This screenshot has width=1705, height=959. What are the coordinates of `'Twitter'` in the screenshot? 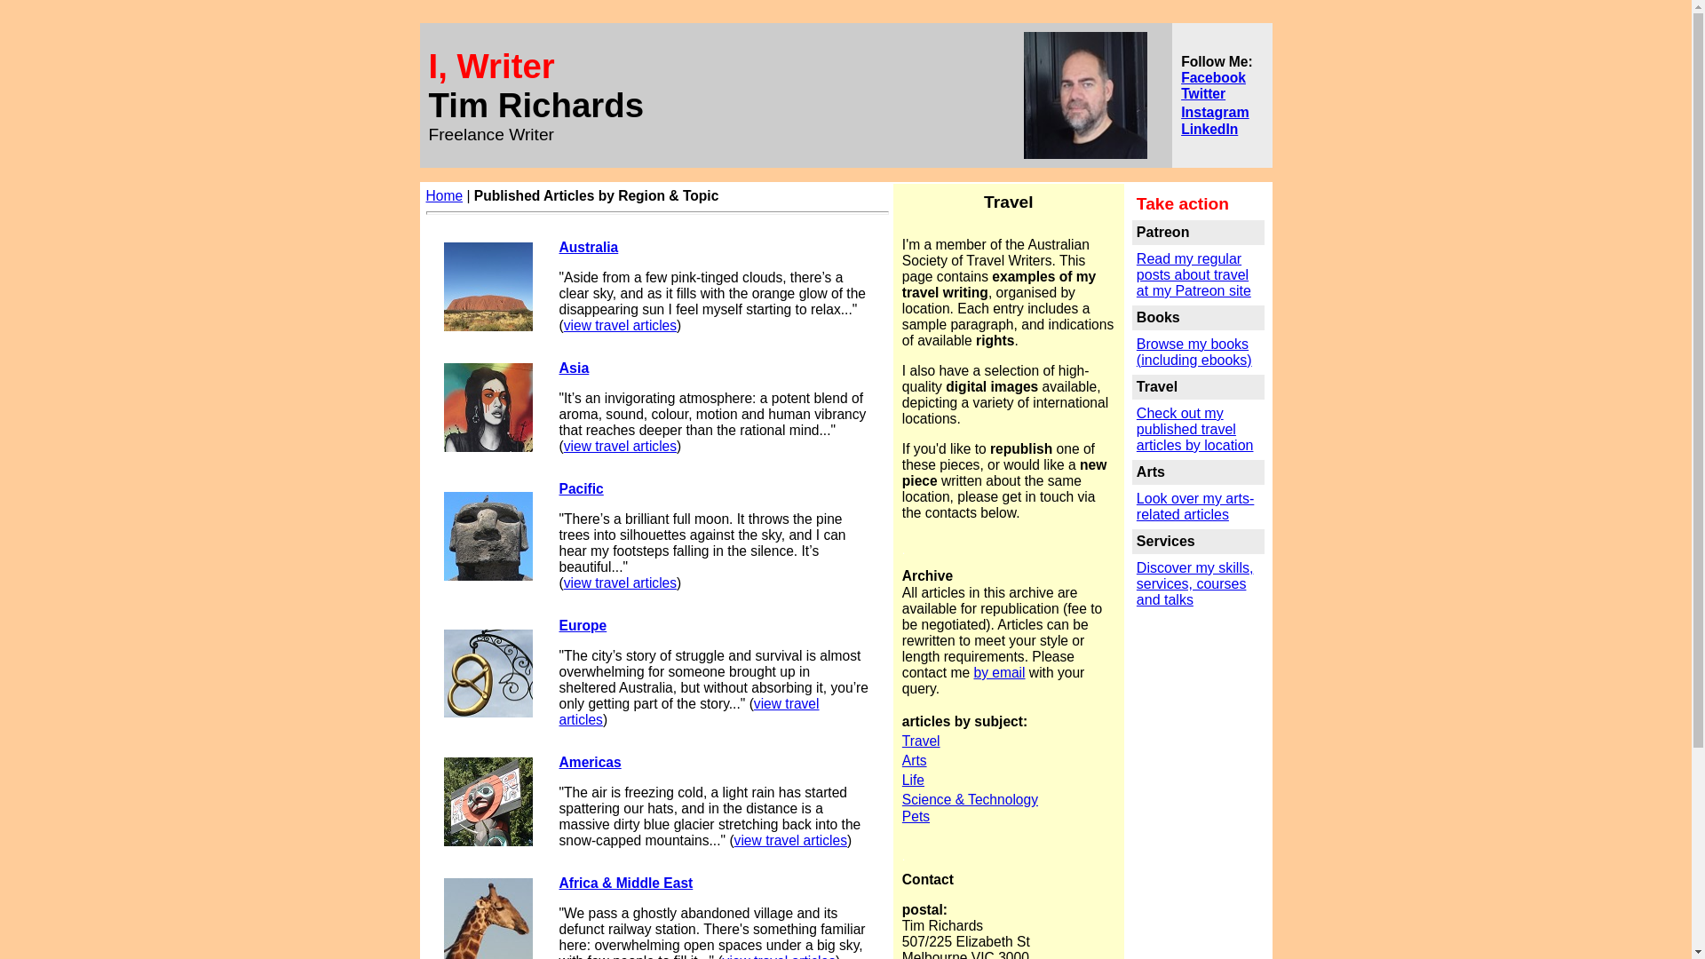 It's located at (1180, 92).